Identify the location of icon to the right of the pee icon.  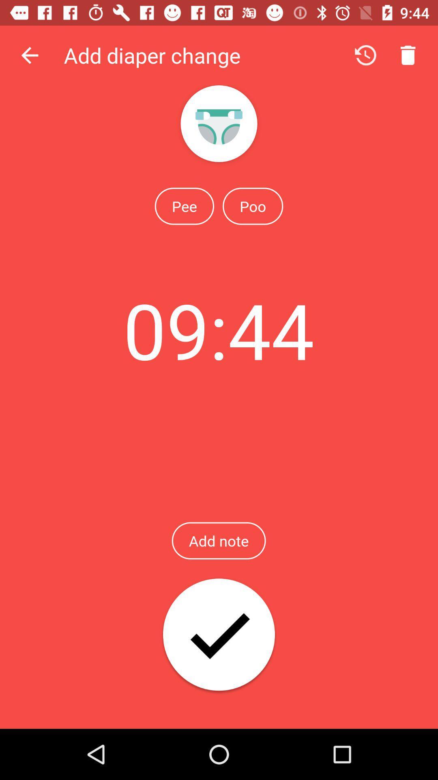
(252, 206).